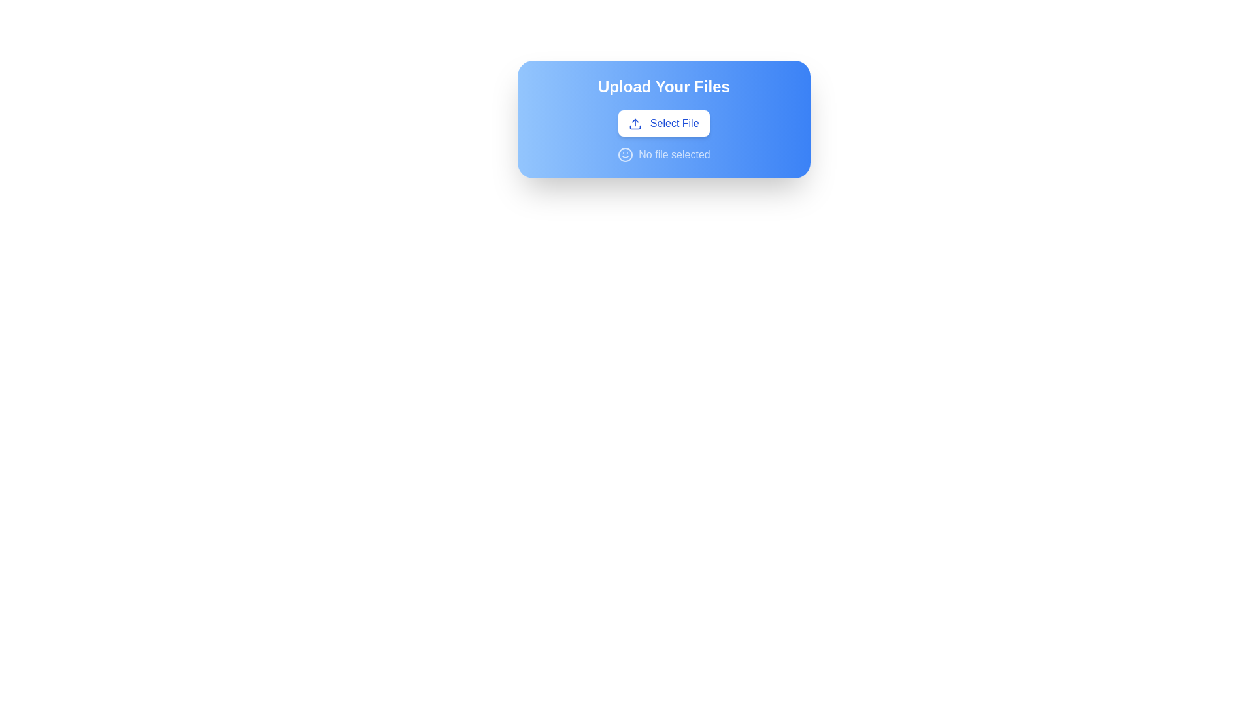 The image size is (1255, 706). What do you see at coordinates (625, 154) in the screenshot?
I see `attributes of the SVG circle element with a blue outline and white fill, located at the center of the smiley face icon beneath the 'Select File' button` at bounding box center [625, 154].